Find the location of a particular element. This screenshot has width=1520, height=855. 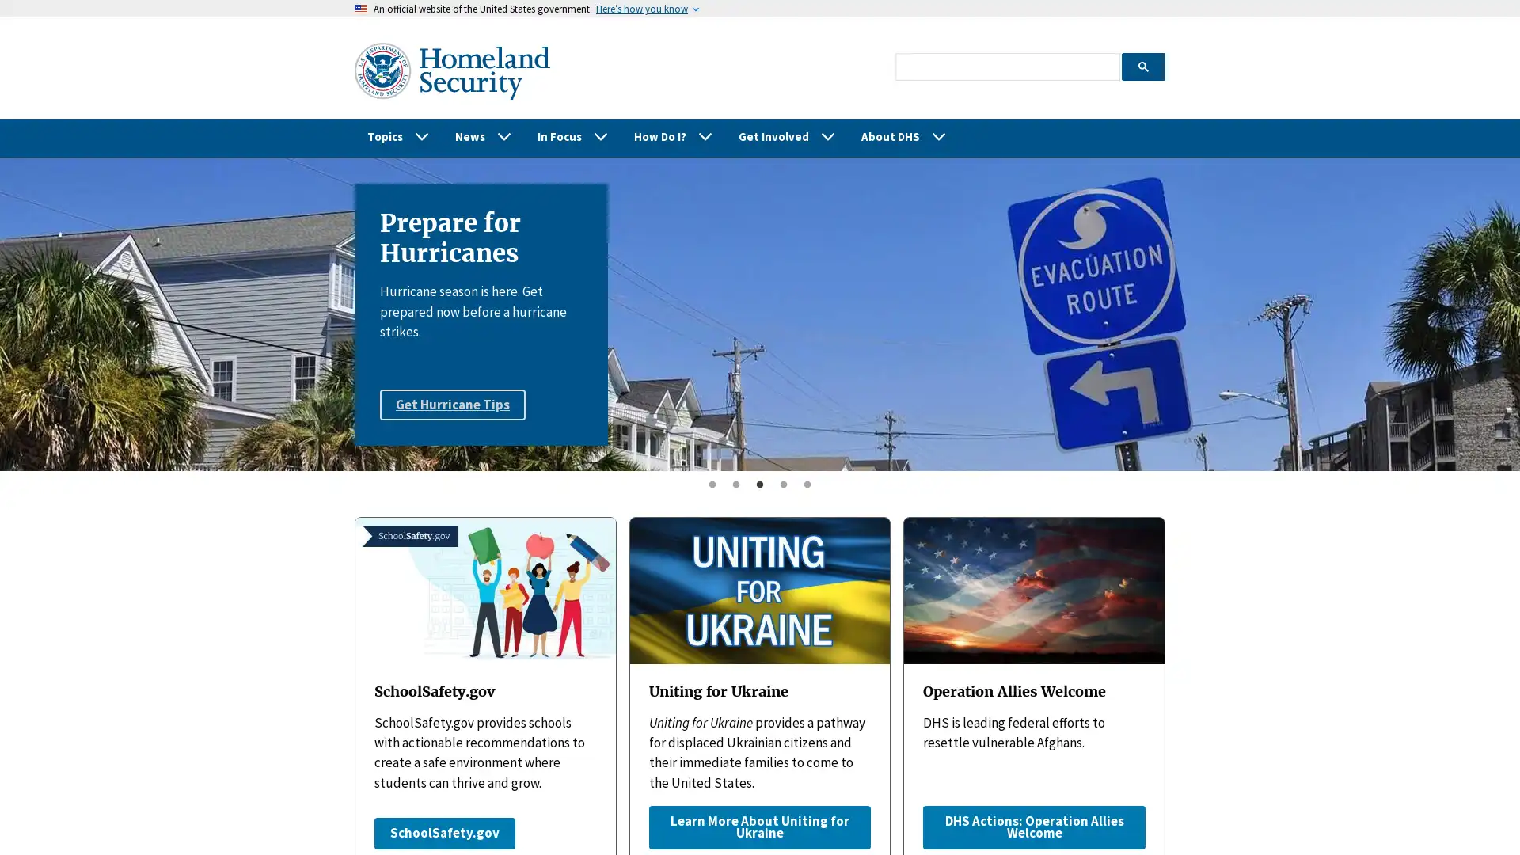

News is located at coordinates (482, 135).